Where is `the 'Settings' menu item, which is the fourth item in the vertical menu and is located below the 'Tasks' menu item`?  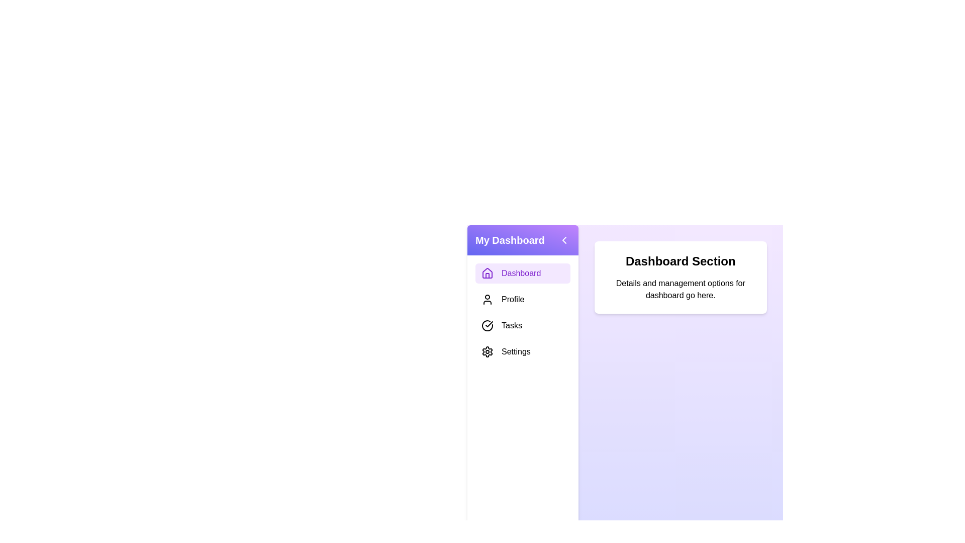 the 'Settings' menu item, which is the fourth item in the vertical menu and is located below the 'Tasks' menu item is located at coordinates (523, 351).